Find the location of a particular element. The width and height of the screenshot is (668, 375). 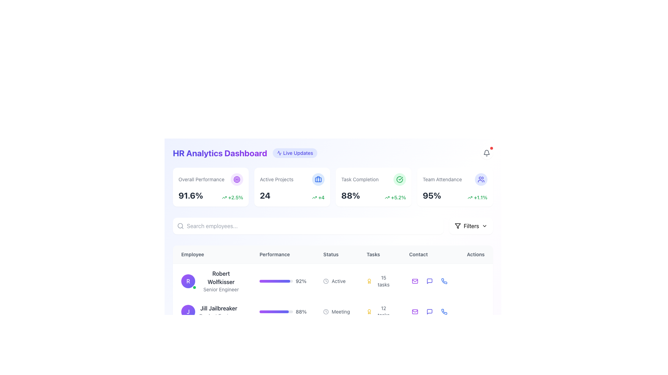

the Employee Performance Table located in the lower-right section of the page is located at coordinates (332, 298).